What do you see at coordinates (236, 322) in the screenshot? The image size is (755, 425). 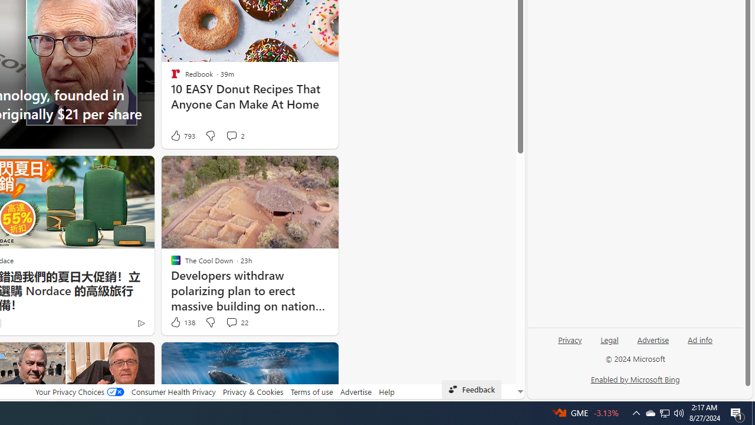 I see `'View comments 22 Comment'` at bounding box center [236, 322].